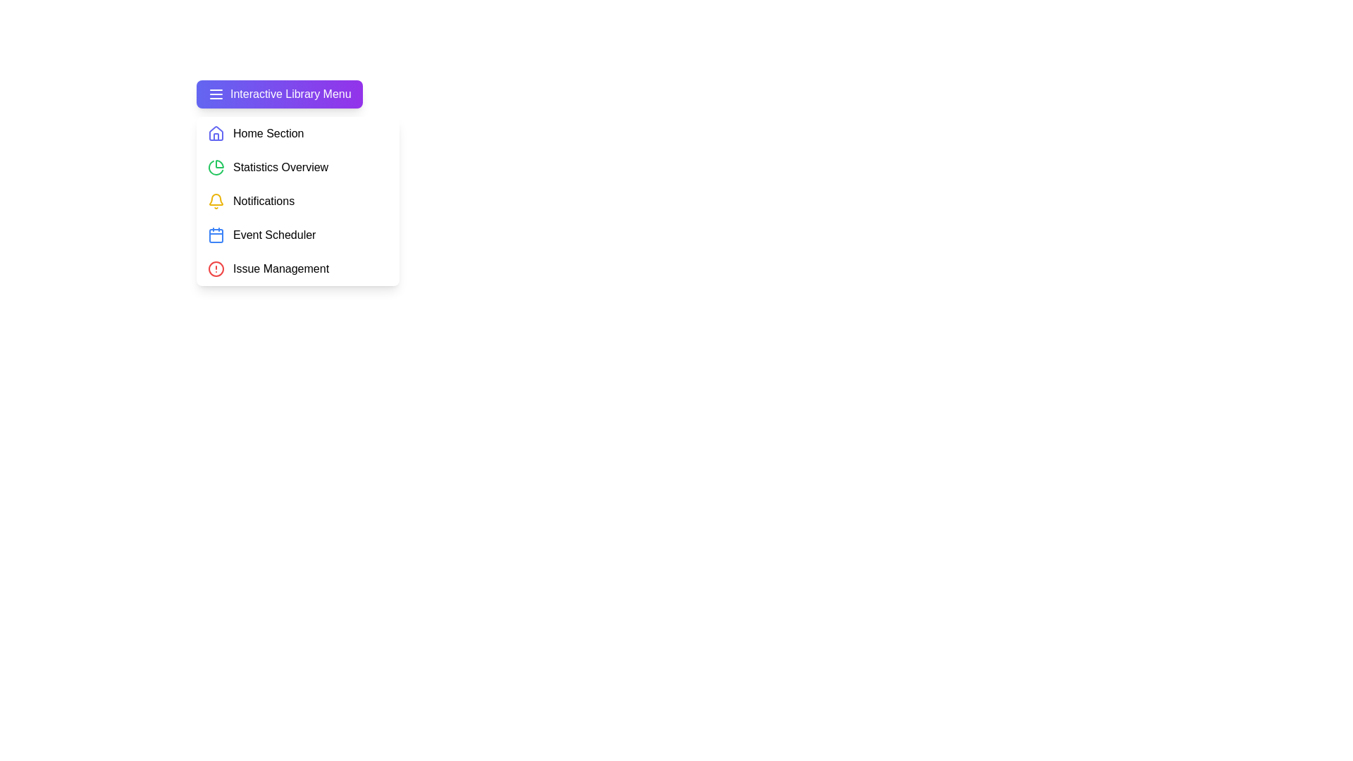 The height and width of the screenshot is (761, 1353). What do you see at coordinates (297, 167) in the screenshot?
I see `the menu item Statistics Overview` at bounding box center [297, 167].